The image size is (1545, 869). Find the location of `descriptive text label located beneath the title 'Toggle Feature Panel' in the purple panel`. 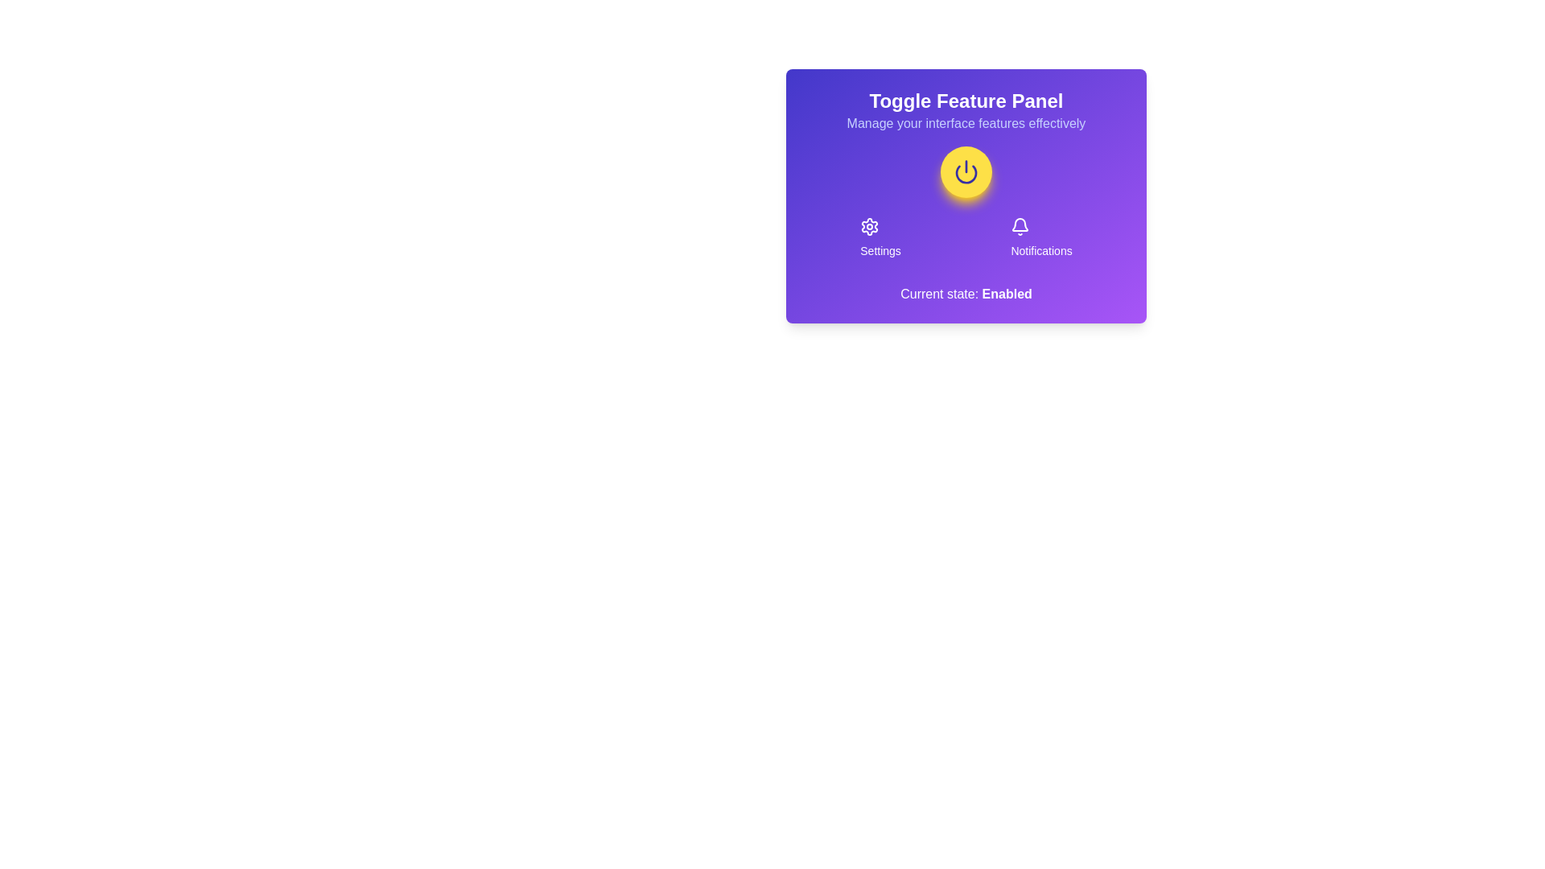

descriptive text label located beneath the title 'Toggle Feature Panel' in the purple panel is located at coordinates (966, 123).